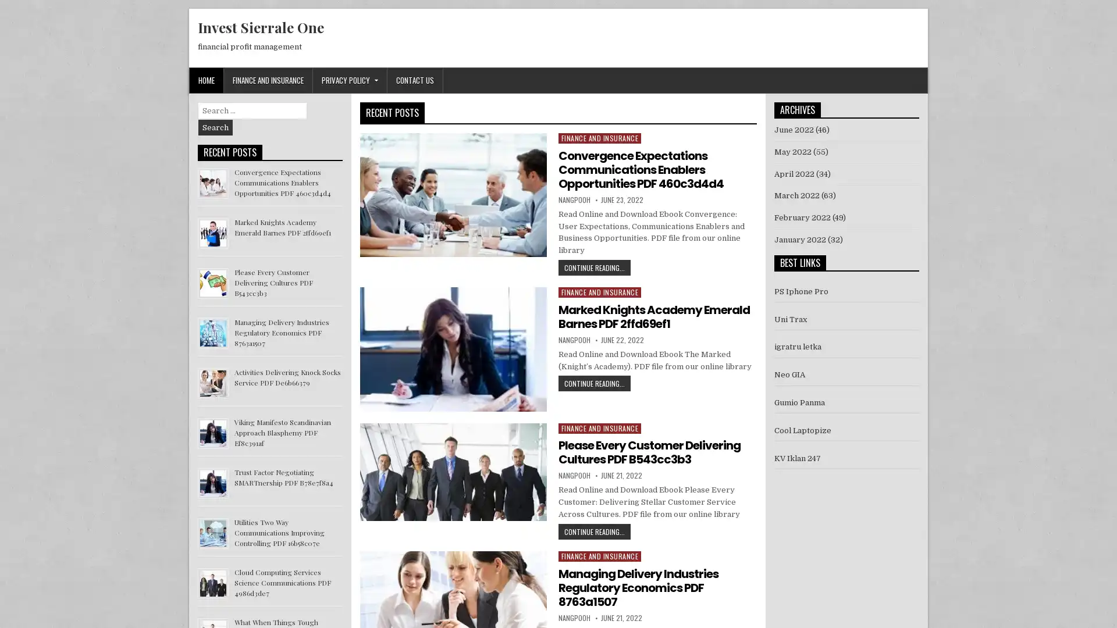 The height and width of the screenshot is (628, 1117). I want to click on Search, so click(215, 127).